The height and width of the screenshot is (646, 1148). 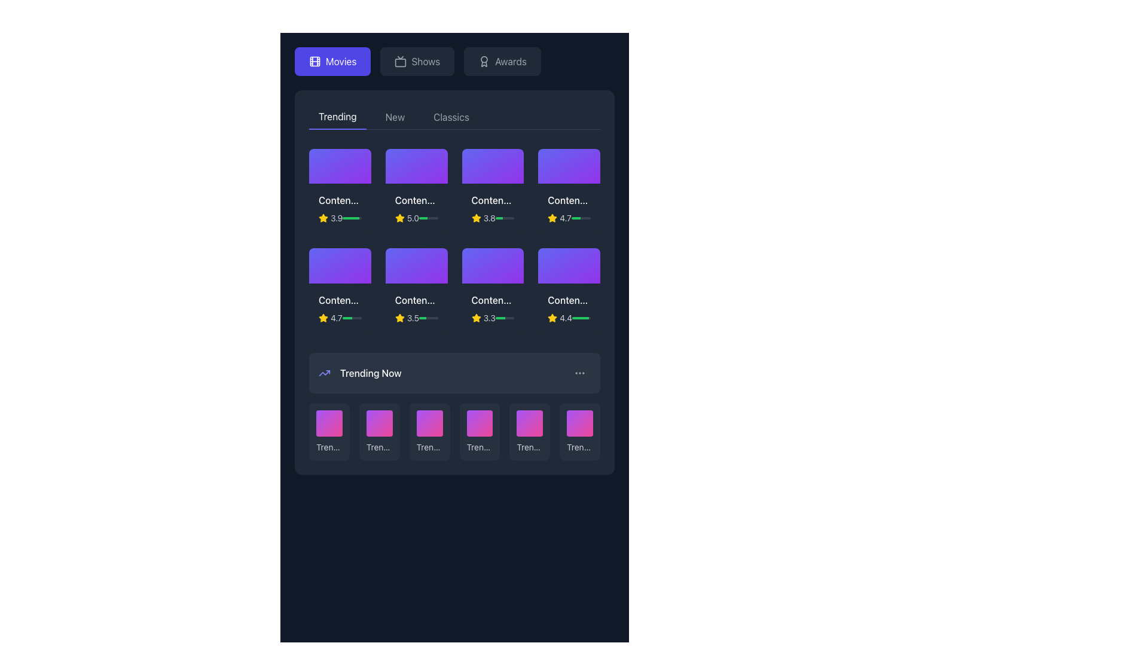 What do you see at coordinates (407, 218) in the screenshot?
I see `the star icon and rating number element displaying '5.0' in the second movie content card of the 'Trending' section` at bounding box center [407, 218].